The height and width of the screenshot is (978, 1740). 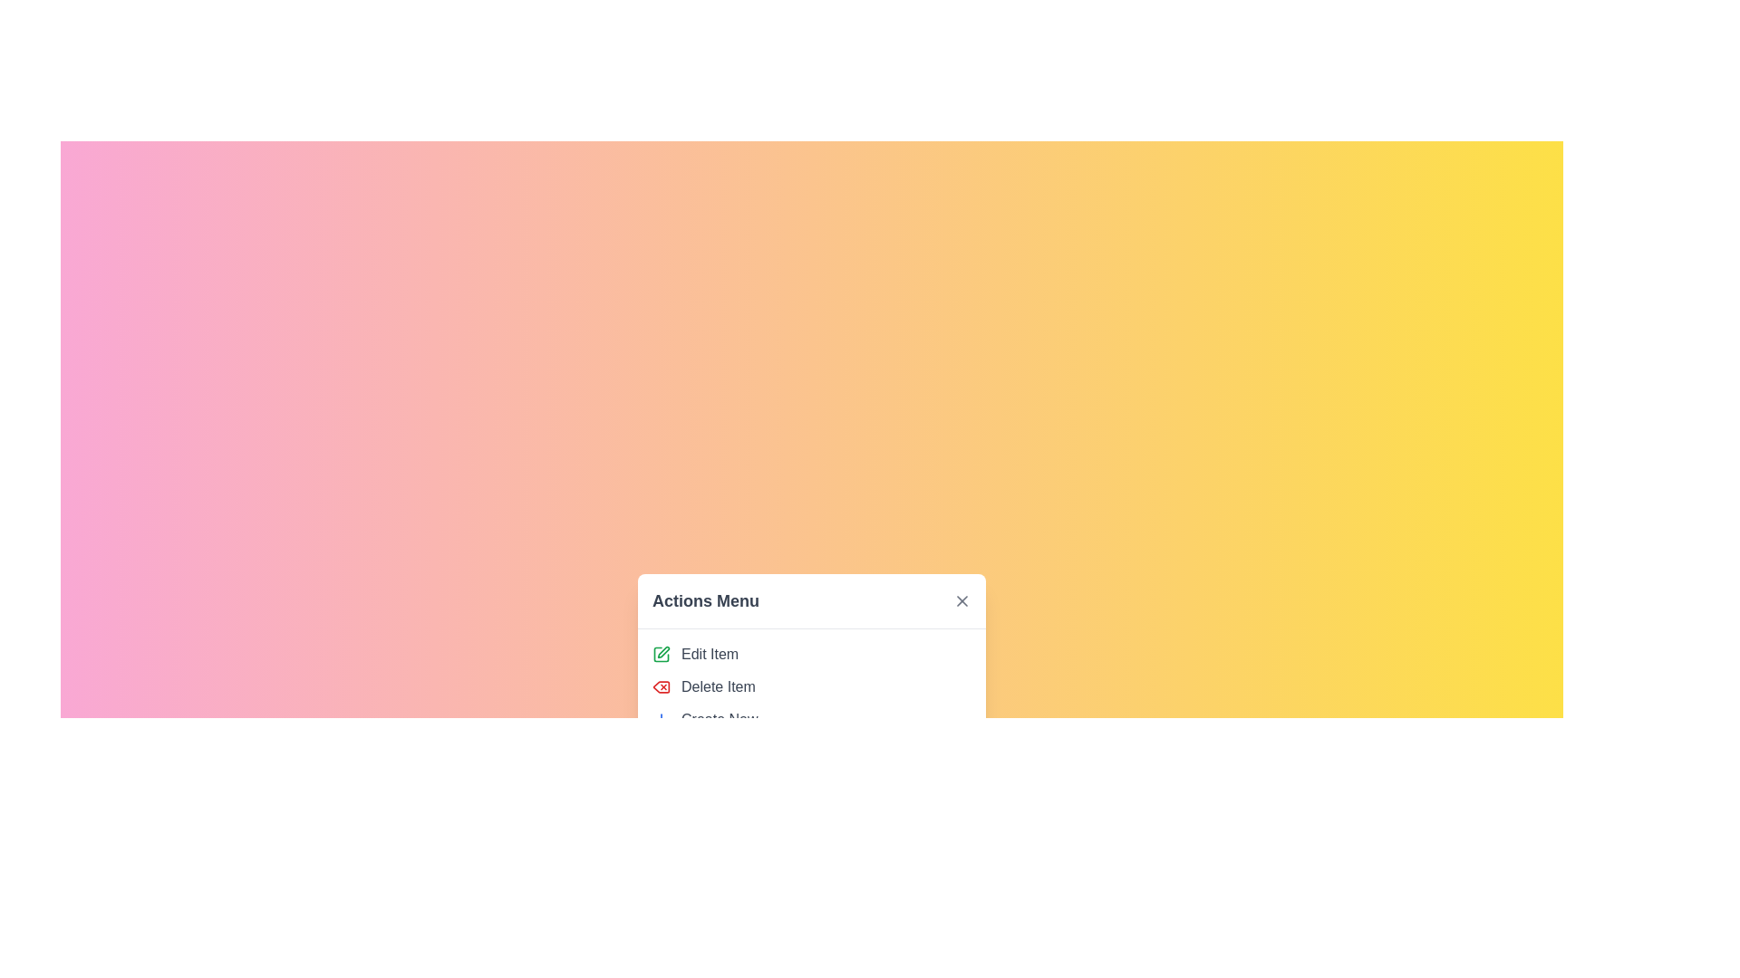 I want to click on the 'Create New' menu option, which is the third item in the vertical 'Actions Menu', so click(x=811, y=718).